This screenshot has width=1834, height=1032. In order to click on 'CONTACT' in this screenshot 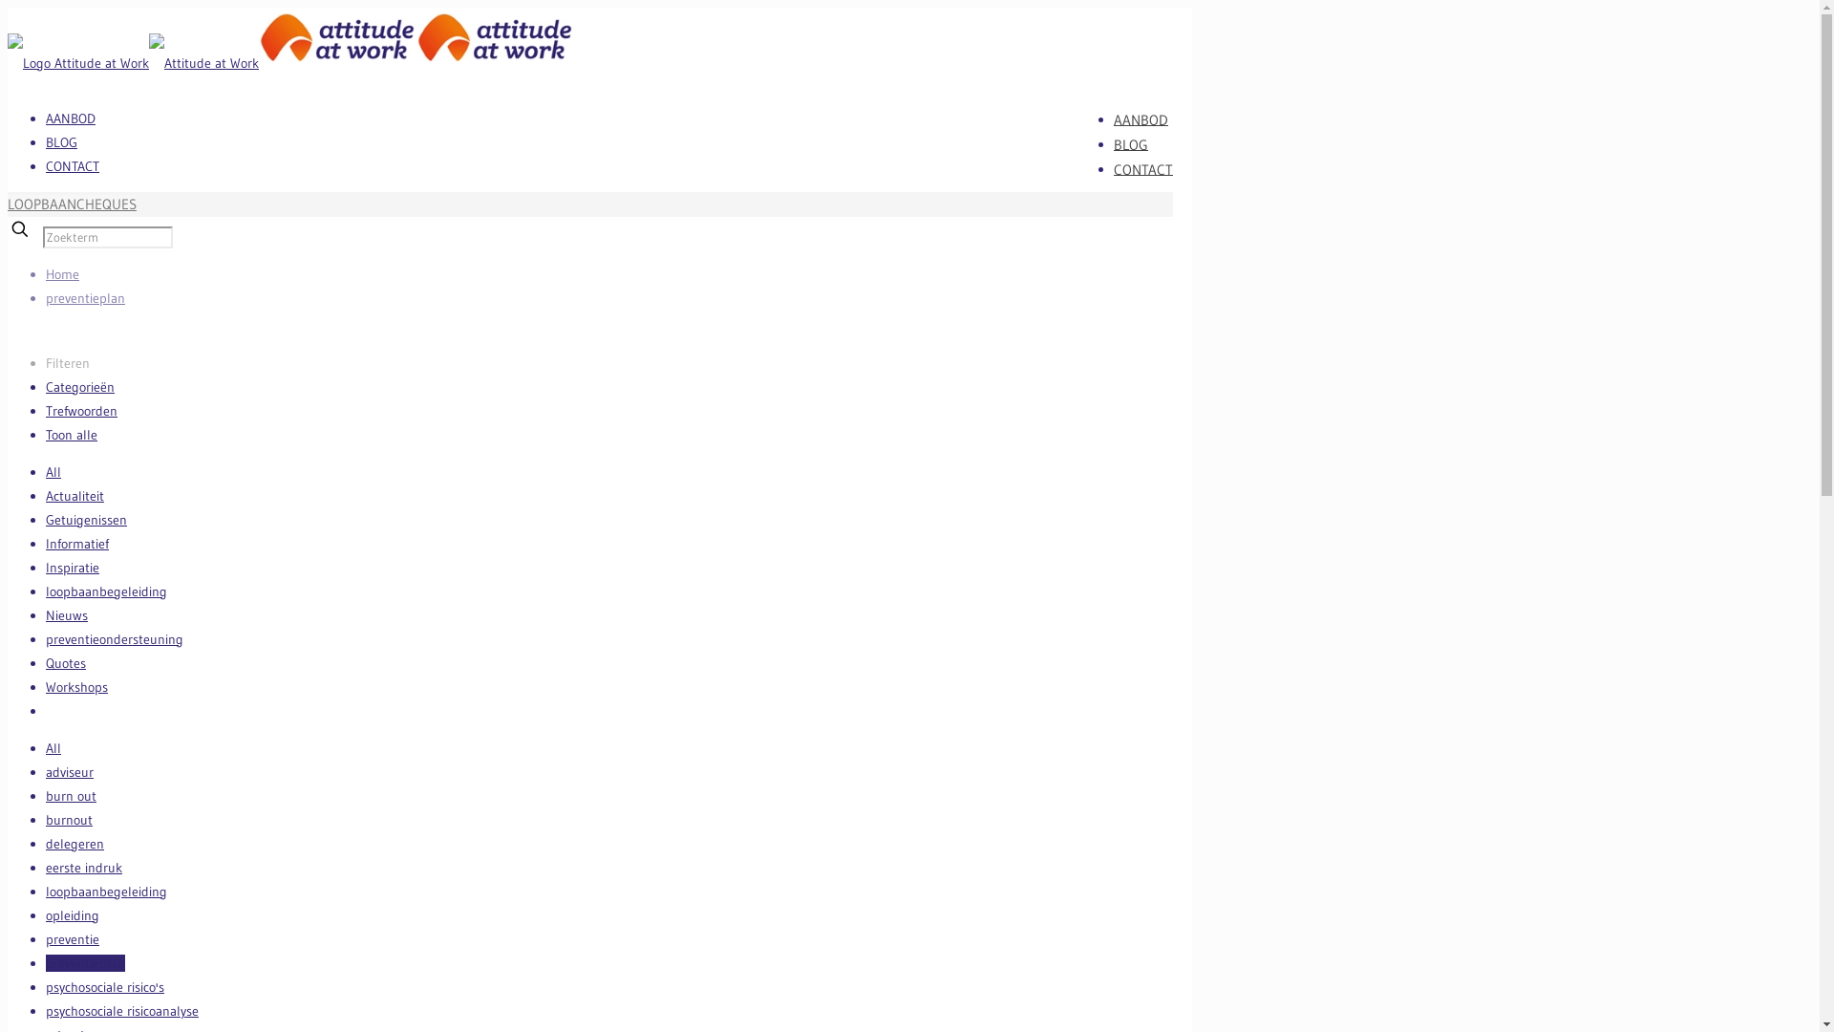, I will do `click(73, 164)`.